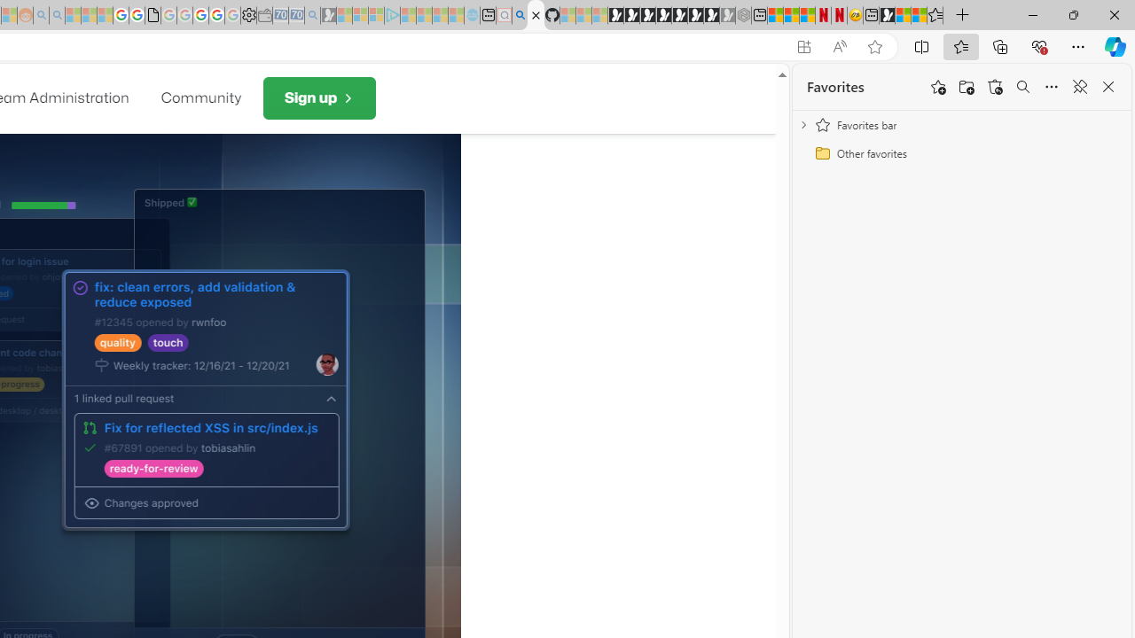 This screenshot has width=1135, height=638. Describe the element at coordinates (1000, 45) in the screenshot. I see `'Collections'` at that location.